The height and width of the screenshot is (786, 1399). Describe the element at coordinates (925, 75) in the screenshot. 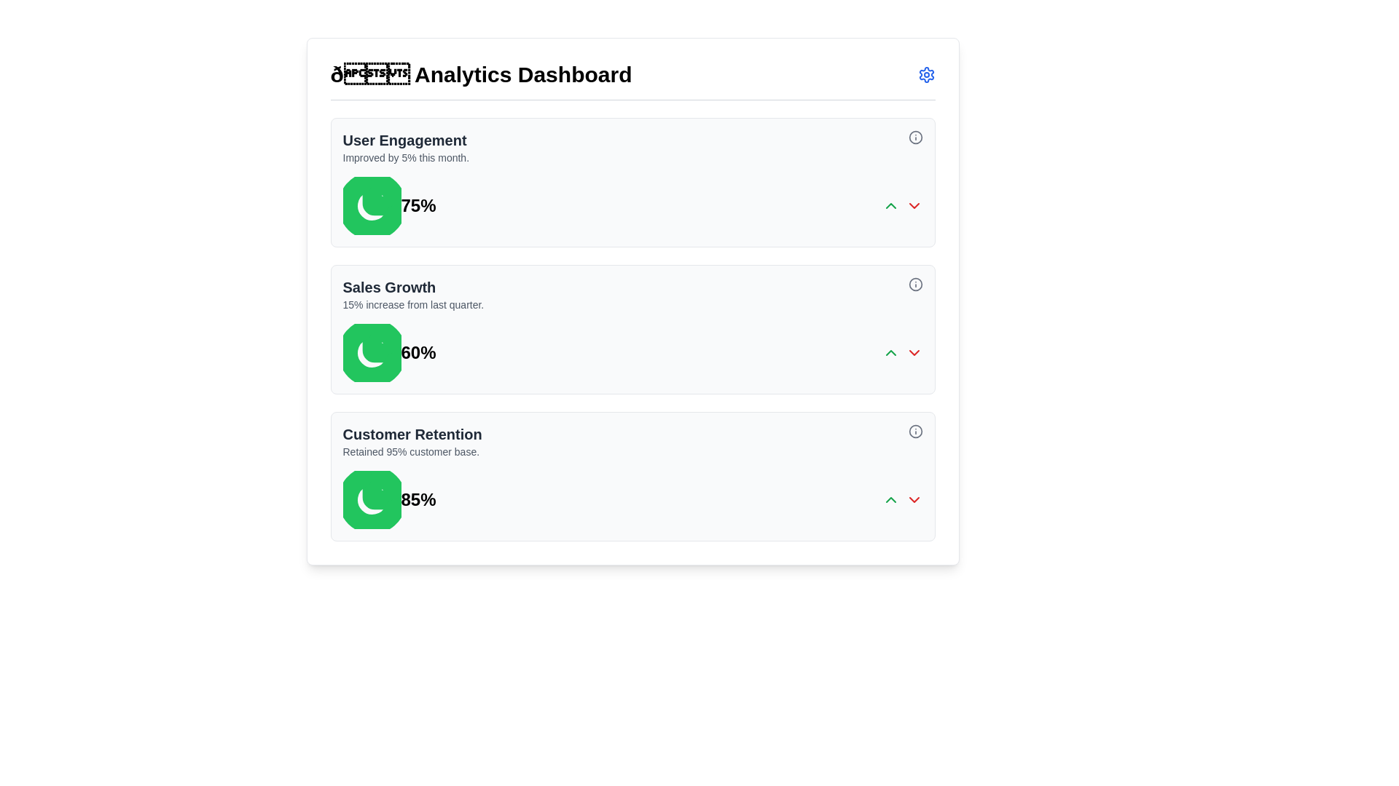

I see `the Gear icon in the header section of the dashboard interface, located to the right of '📊 Analytics Dashboard'` at that location.